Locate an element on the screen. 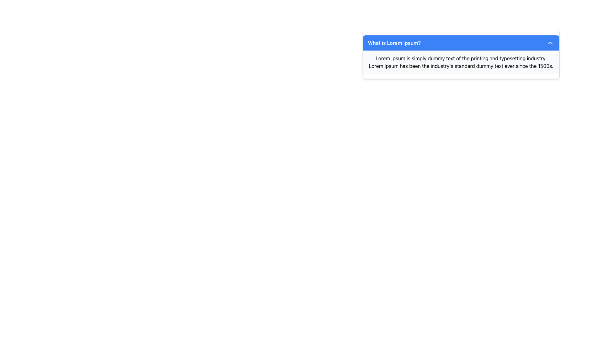 The image size is (607, 341). the upward-pointing arrow-shaped icon located in the upper-right corner of the blue header bar of the 'What is Lorem Ipsum?' information box is located at coordinates (550, 43).